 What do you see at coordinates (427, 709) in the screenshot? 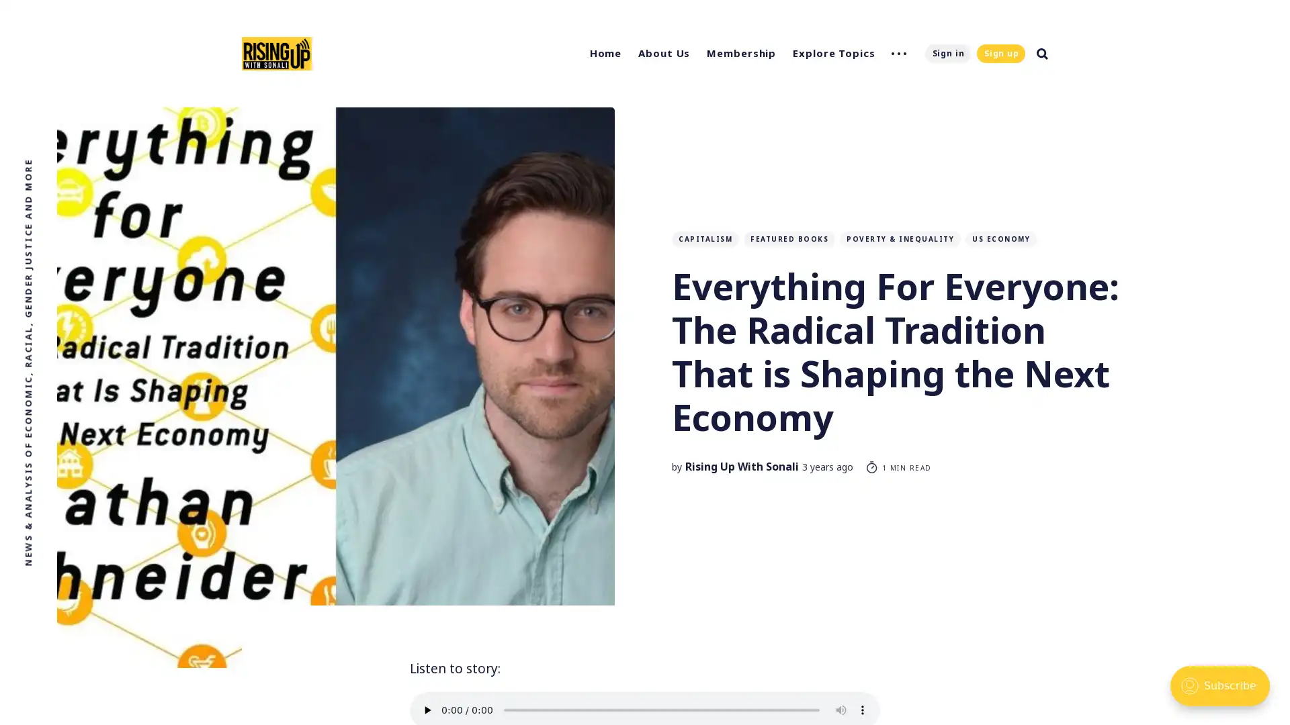
I see `play` at bounding box center [427, 709].